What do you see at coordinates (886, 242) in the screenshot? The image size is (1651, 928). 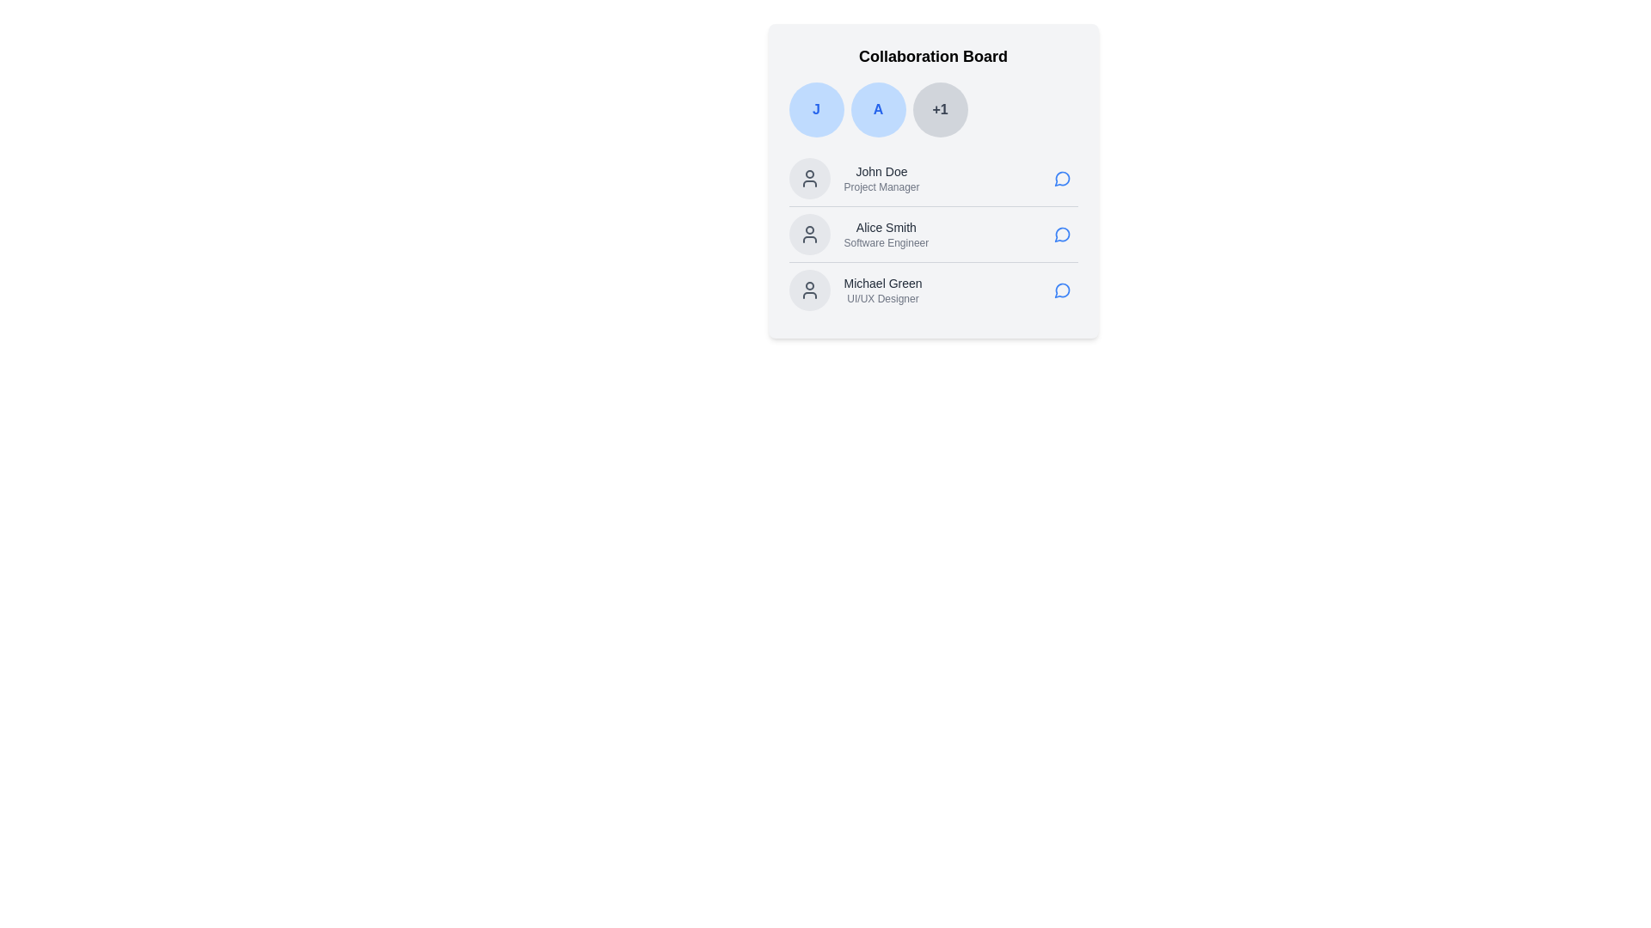 I see `the text label reading 'Software Engineer' styled in light gray color, located under 'Alice Smith' in the 'Collaboration Board' interface` at bounding box center [886, 242].